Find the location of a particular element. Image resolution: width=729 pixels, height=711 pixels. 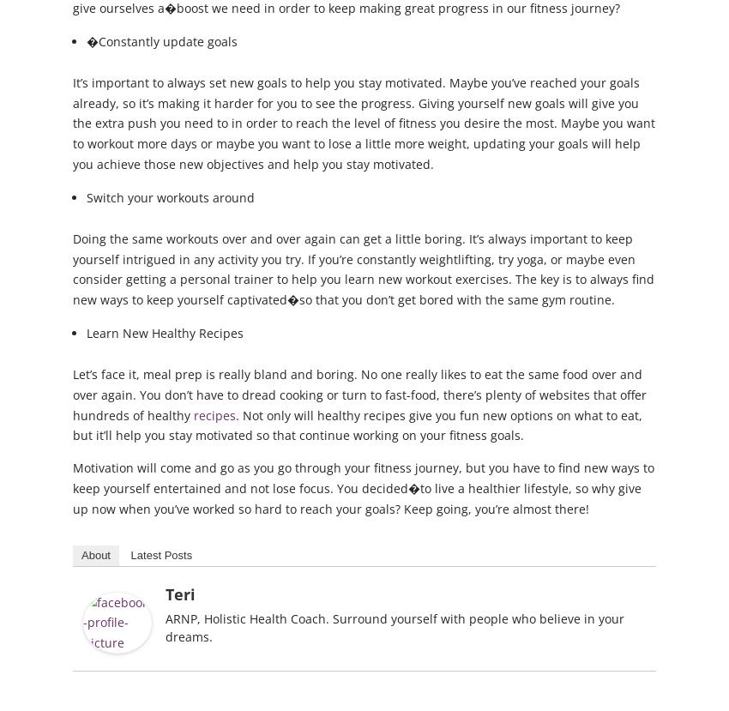

'Motivation will come and go as you go through your fitness journey, but you have to find new ways to keep yourself entertained and not lose focus. You decided�to live a healthier lifestyle, so why give up now when you’ve worked so hard to reach your goals? Keep going, you’re almost there!' is located at coordinates (363, 487).